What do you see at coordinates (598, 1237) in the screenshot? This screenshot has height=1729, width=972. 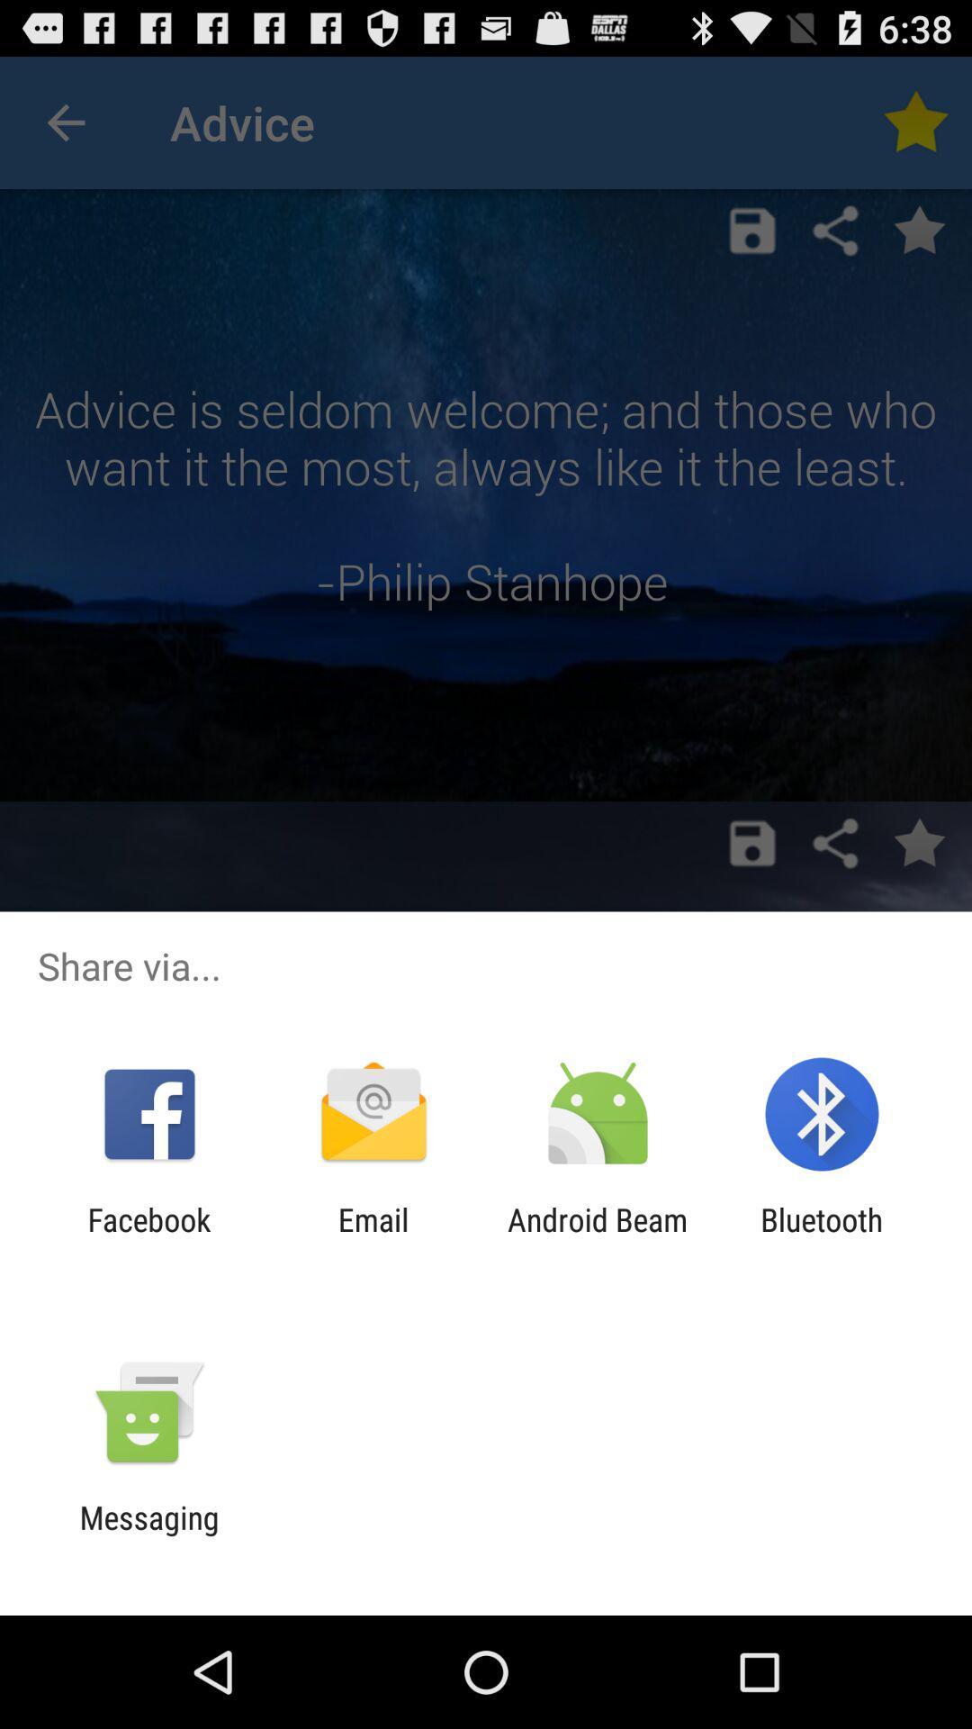 I see `android beam item` at bounding box center [598, 1237].